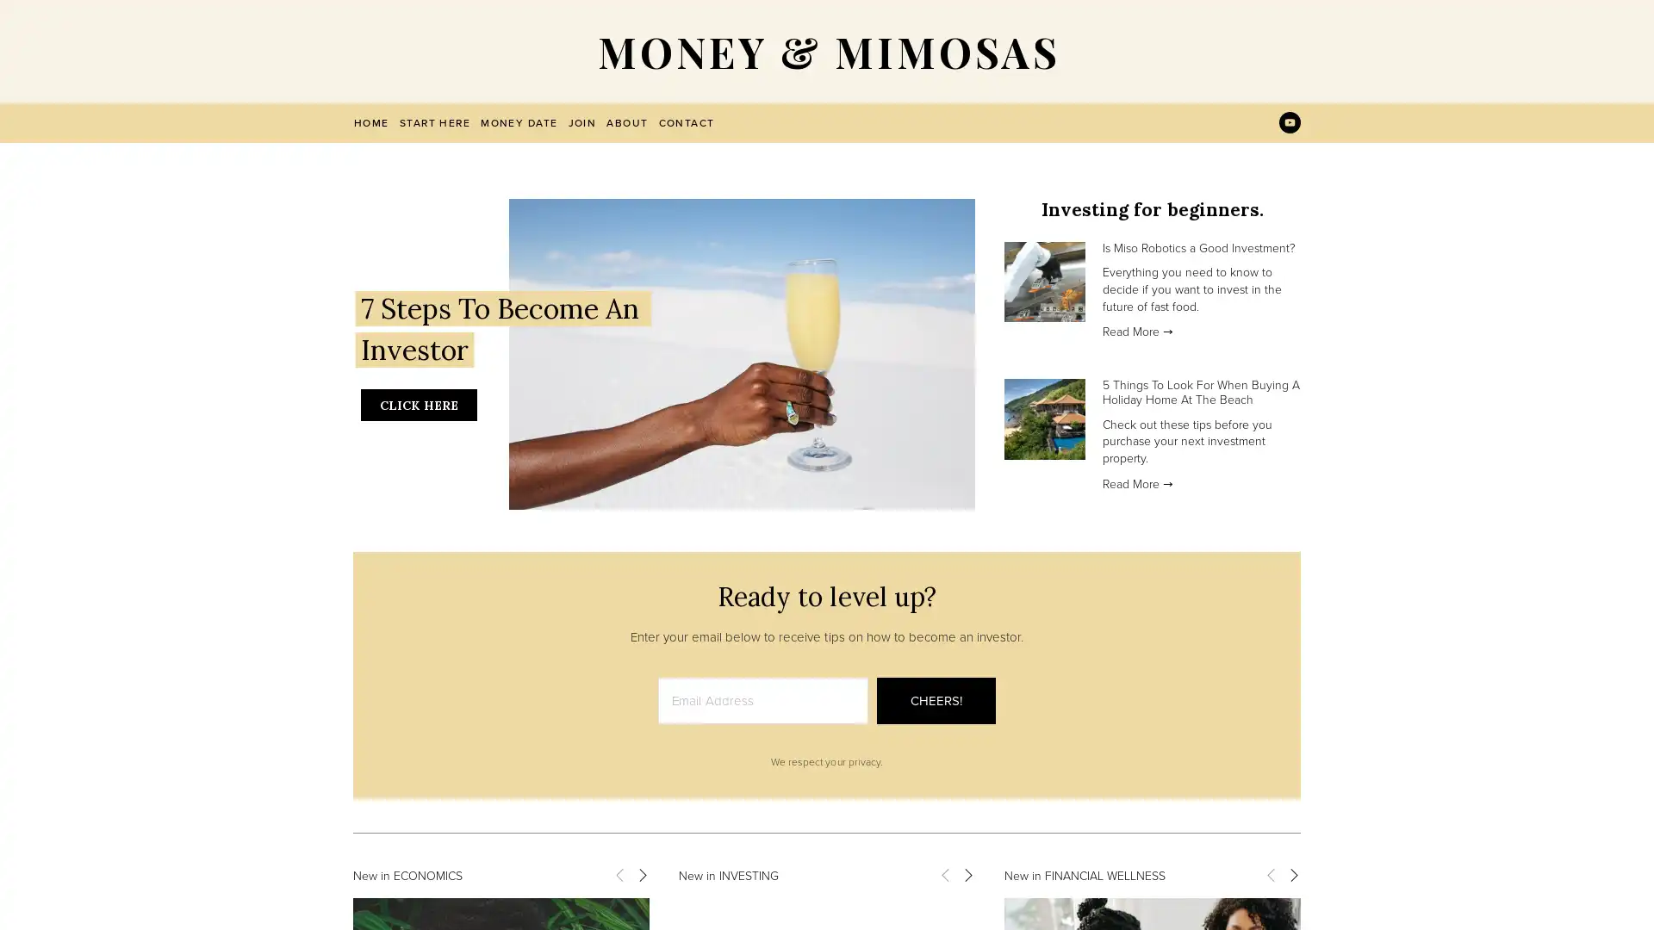 The image size is (1654, 930). What do you see at coordinates (967, 873) in the screenshot?
I see `Next` at bounding box center [967, 873].